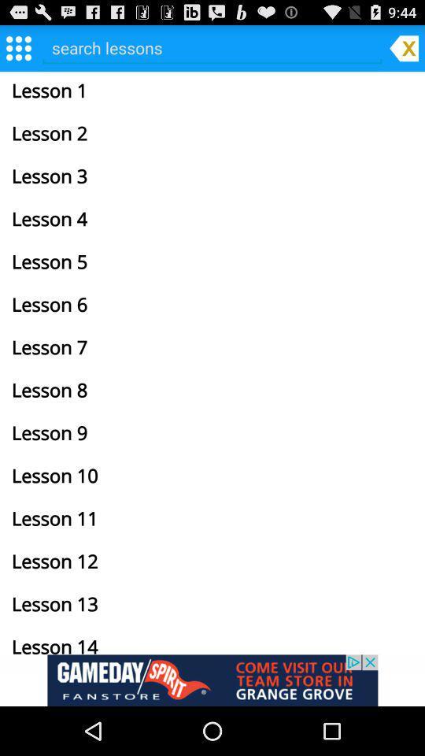 This screenshot has height=756, width=425. I want to click on the dialpad icon, so click(17, 51).